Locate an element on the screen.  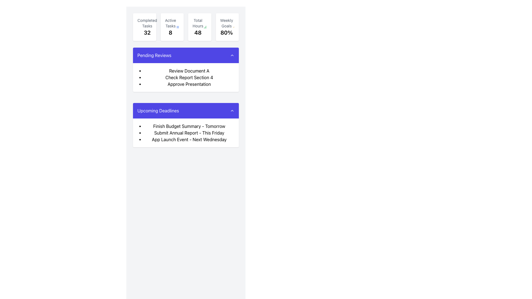
the 'Completed Tasks' summary card which displays the number '32' and the title in gray above it is located at coordinates (147, 27).